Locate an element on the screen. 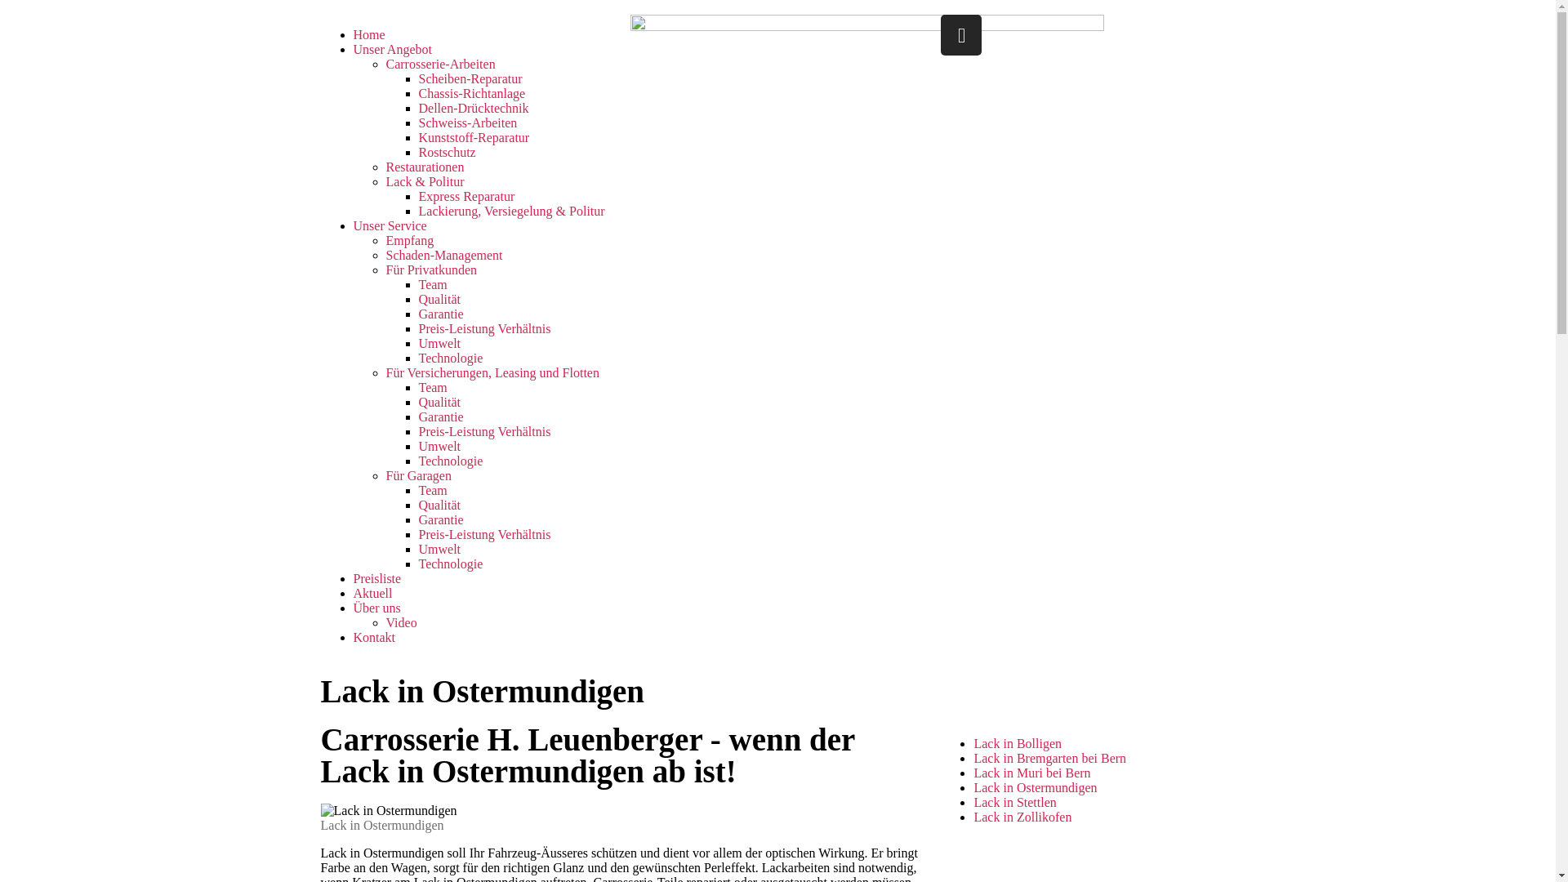 The width and height of the screenshot is (1568, 882). 'Preisliste' is located at coordinates (376, 577).